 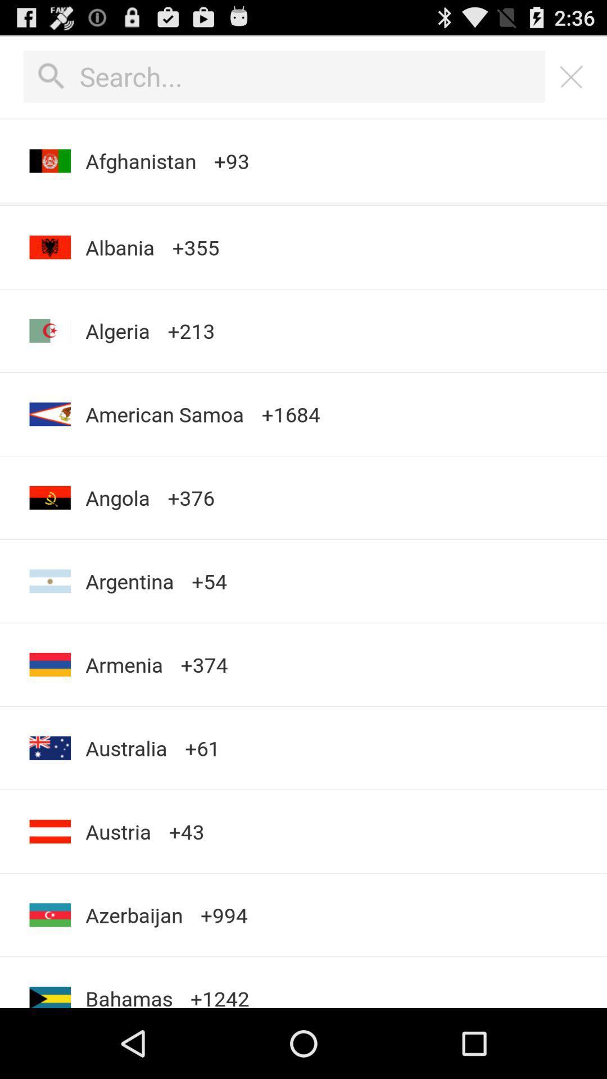 What do you see at coordinates (572, 76) in the screenshot?
I see `the page` at bounding box center [572, 76].